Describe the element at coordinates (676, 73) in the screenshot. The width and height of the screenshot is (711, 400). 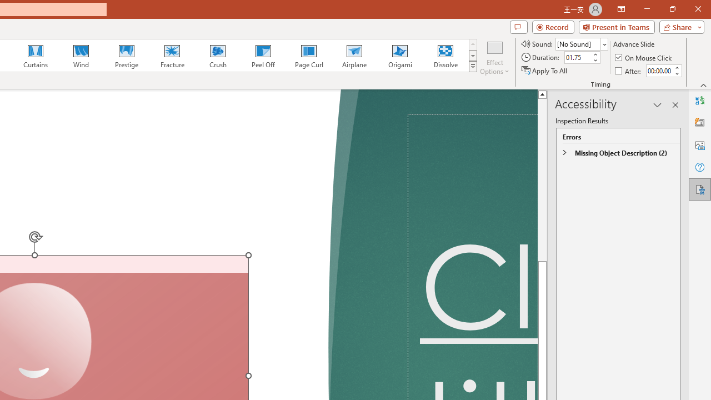
I see `'Less'` at that location.